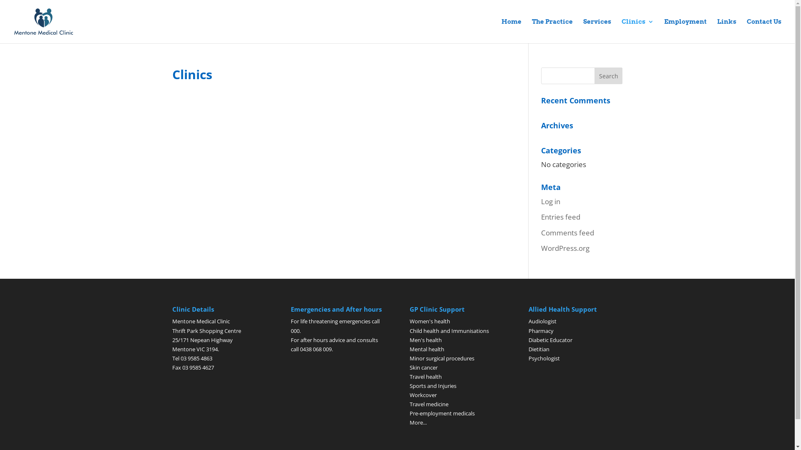 The height and width of the screenshot is (450, 801). I want to click on 'WordPress.org', so click(565, 247).